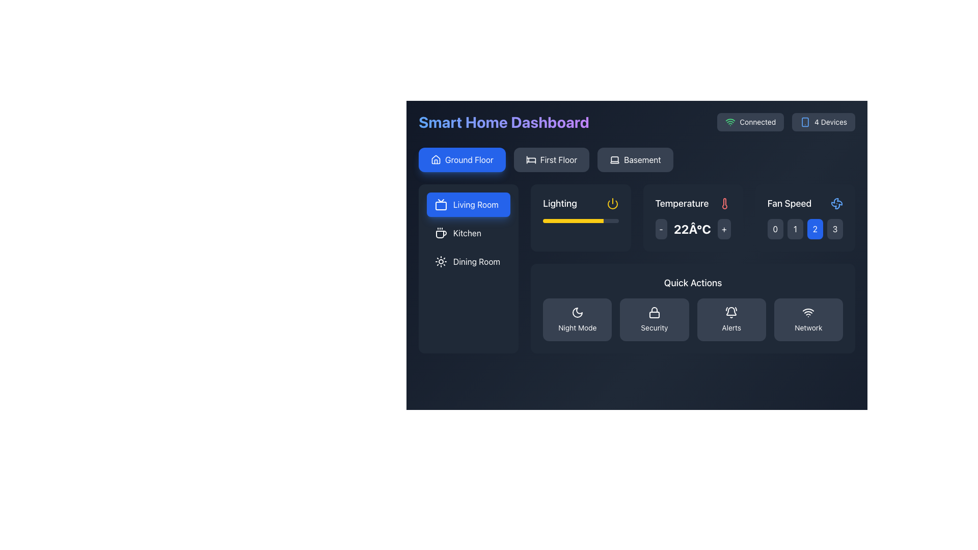 The height and width of the screenshot is (550, 978). What do you see at coordinates (731, 311) in the screenshot?
I see `the alert icon contained within the 'Alerts' quick action button, which is located in the bottom row of the dashboard, second from the right among four quick action buttons` at bounding box center [731, 311].